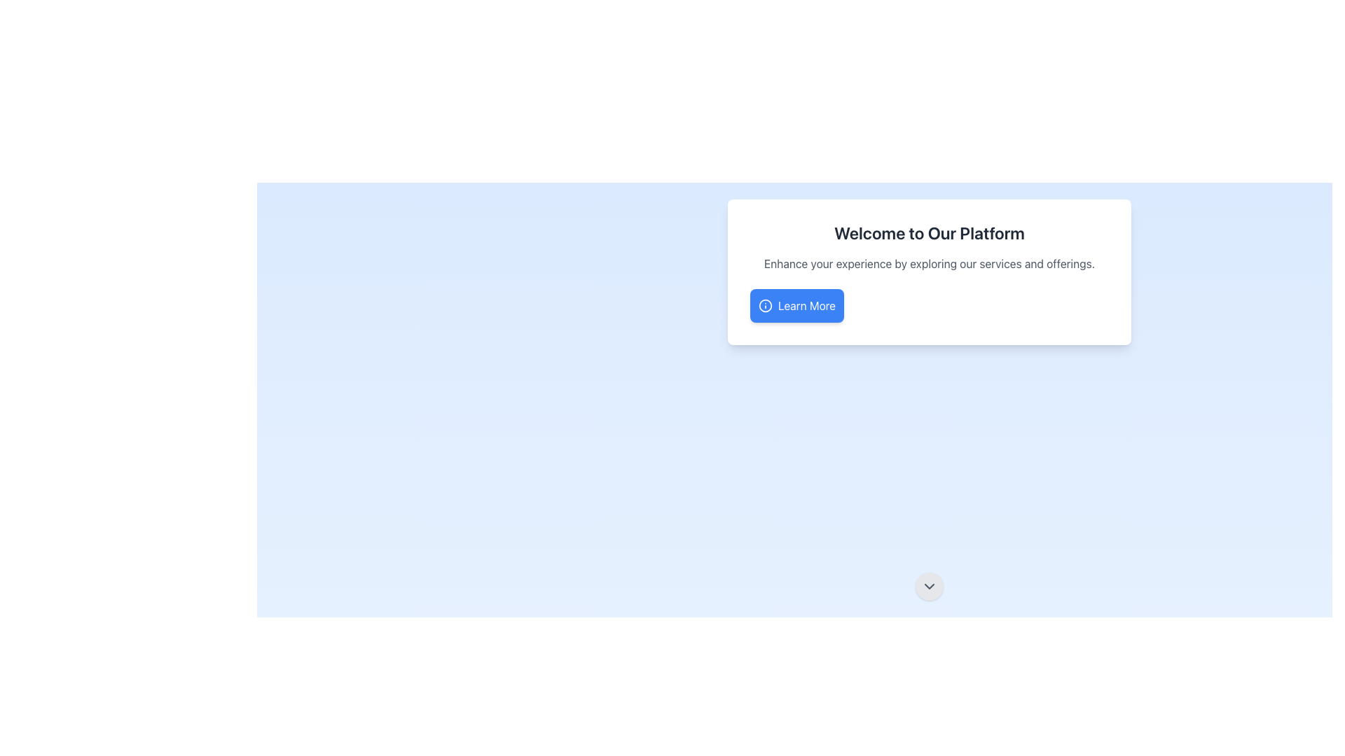 The height and width of the screenshot is (756, 1345). I want to click on the circular information icon with a blue background located to the immediate left of the 'Learn More' text, so click(765, 304).